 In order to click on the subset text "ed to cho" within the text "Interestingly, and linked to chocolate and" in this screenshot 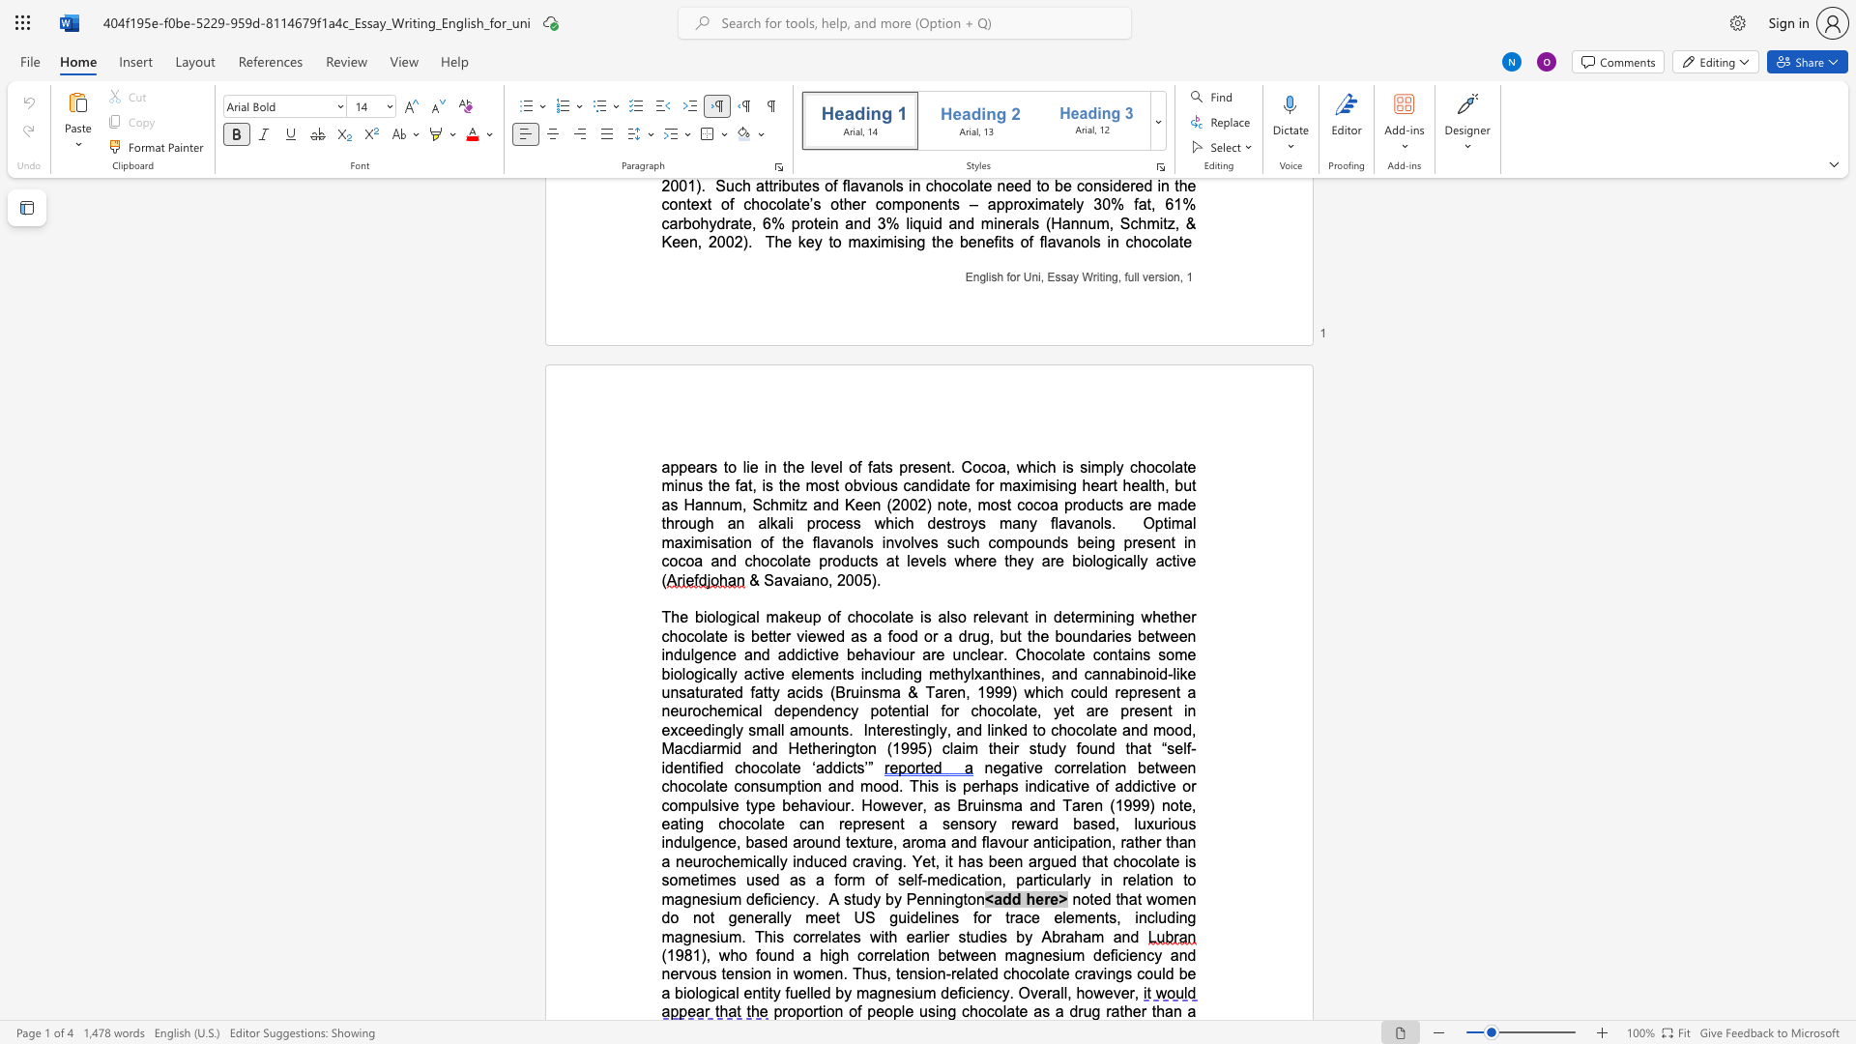, I will do `click(1009, 730)`.